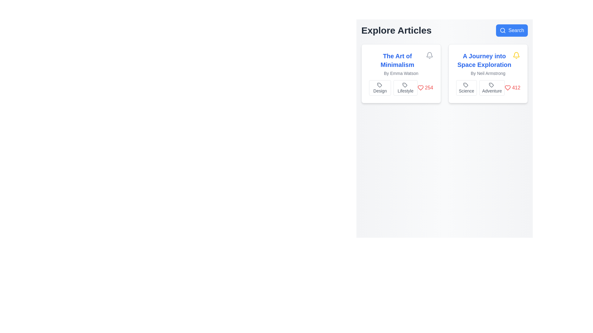  What do you see at coordinates (406, 88) in the screenshot?
I see `the 'Lifestyle' label with a tag icon` at bounding box center [406, 88].